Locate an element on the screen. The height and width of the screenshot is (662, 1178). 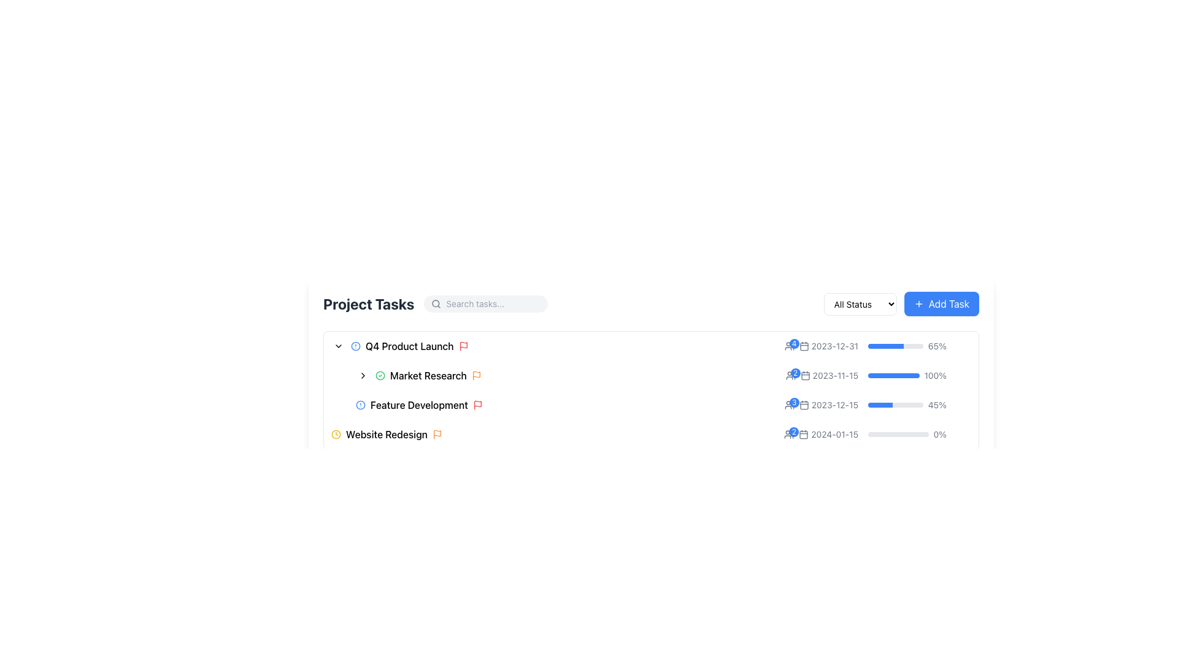
the red flag icon located to the right of the 'Feature Development' text under the 'Project Tasks' section is located at coordinates (477, 405).